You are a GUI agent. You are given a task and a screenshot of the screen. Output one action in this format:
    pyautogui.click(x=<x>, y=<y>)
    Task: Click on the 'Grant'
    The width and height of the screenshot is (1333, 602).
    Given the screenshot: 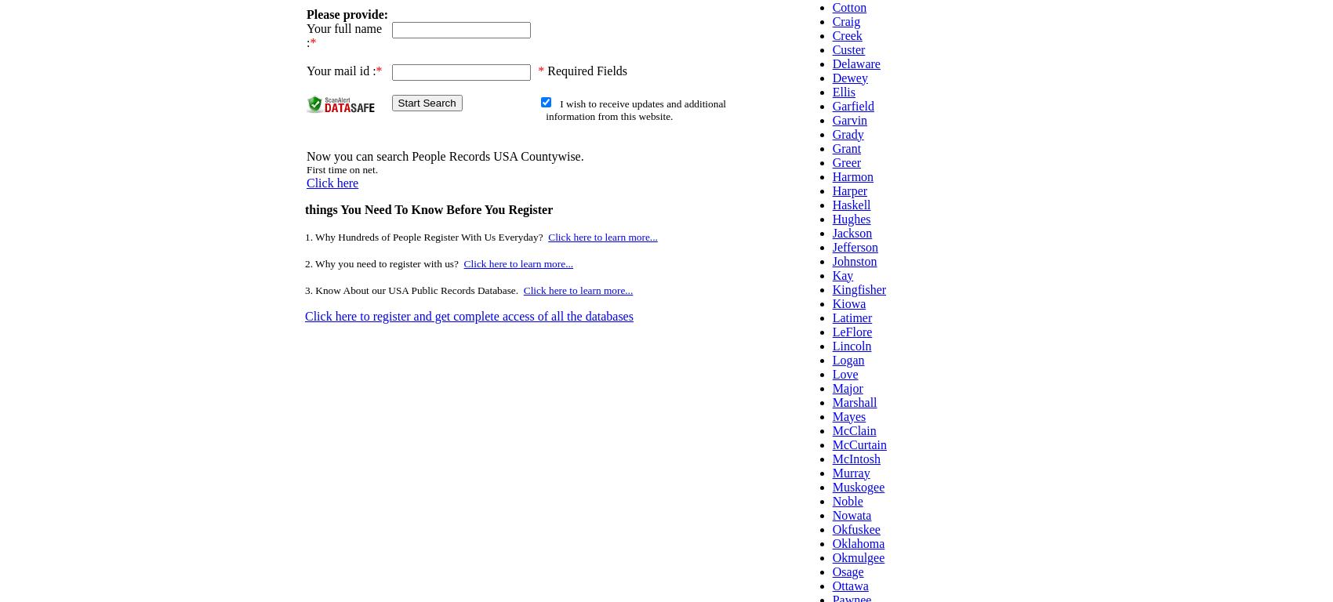 What is the action you would take?
    pyautogui.click(x=846, y=147)
    